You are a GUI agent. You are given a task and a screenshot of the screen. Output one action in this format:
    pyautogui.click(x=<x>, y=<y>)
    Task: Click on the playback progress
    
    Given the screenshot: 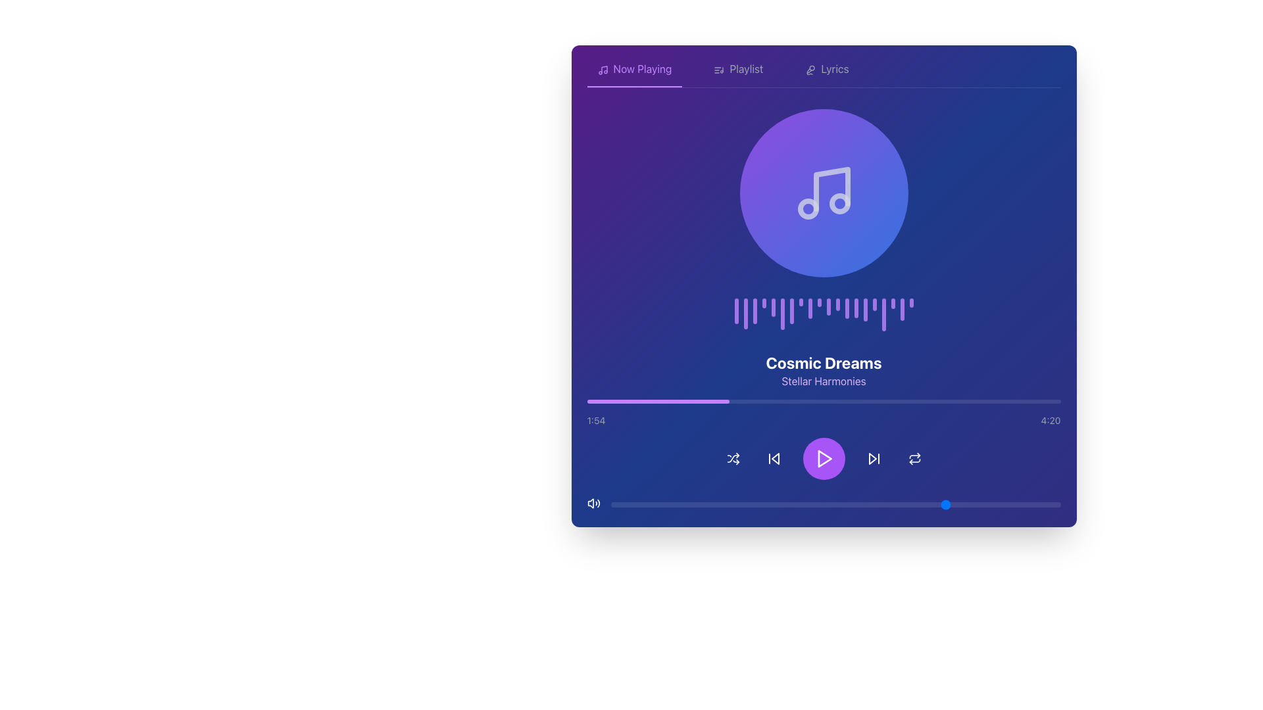 What is the action you would take?
    pyautogui.click(x=639, y=400)
    